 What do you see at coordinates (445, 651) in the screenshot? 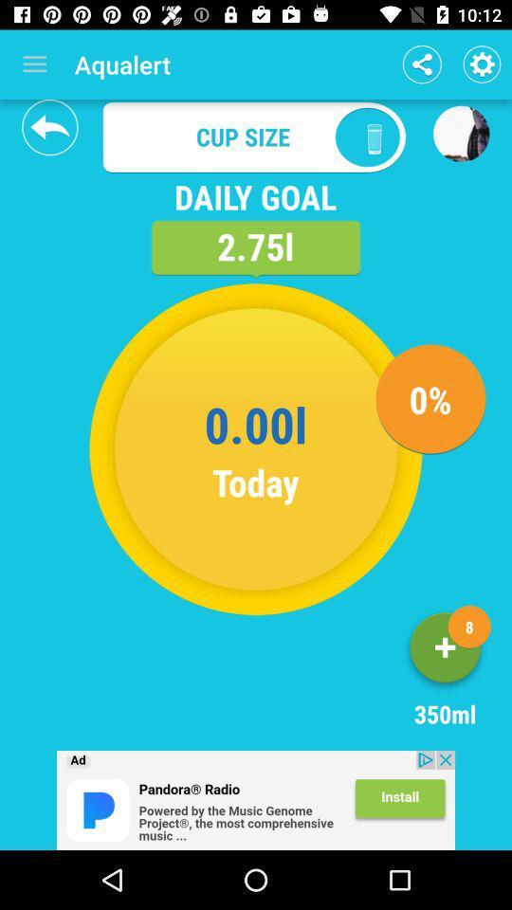
I see `the add icon` at bounding box center [445, 651].